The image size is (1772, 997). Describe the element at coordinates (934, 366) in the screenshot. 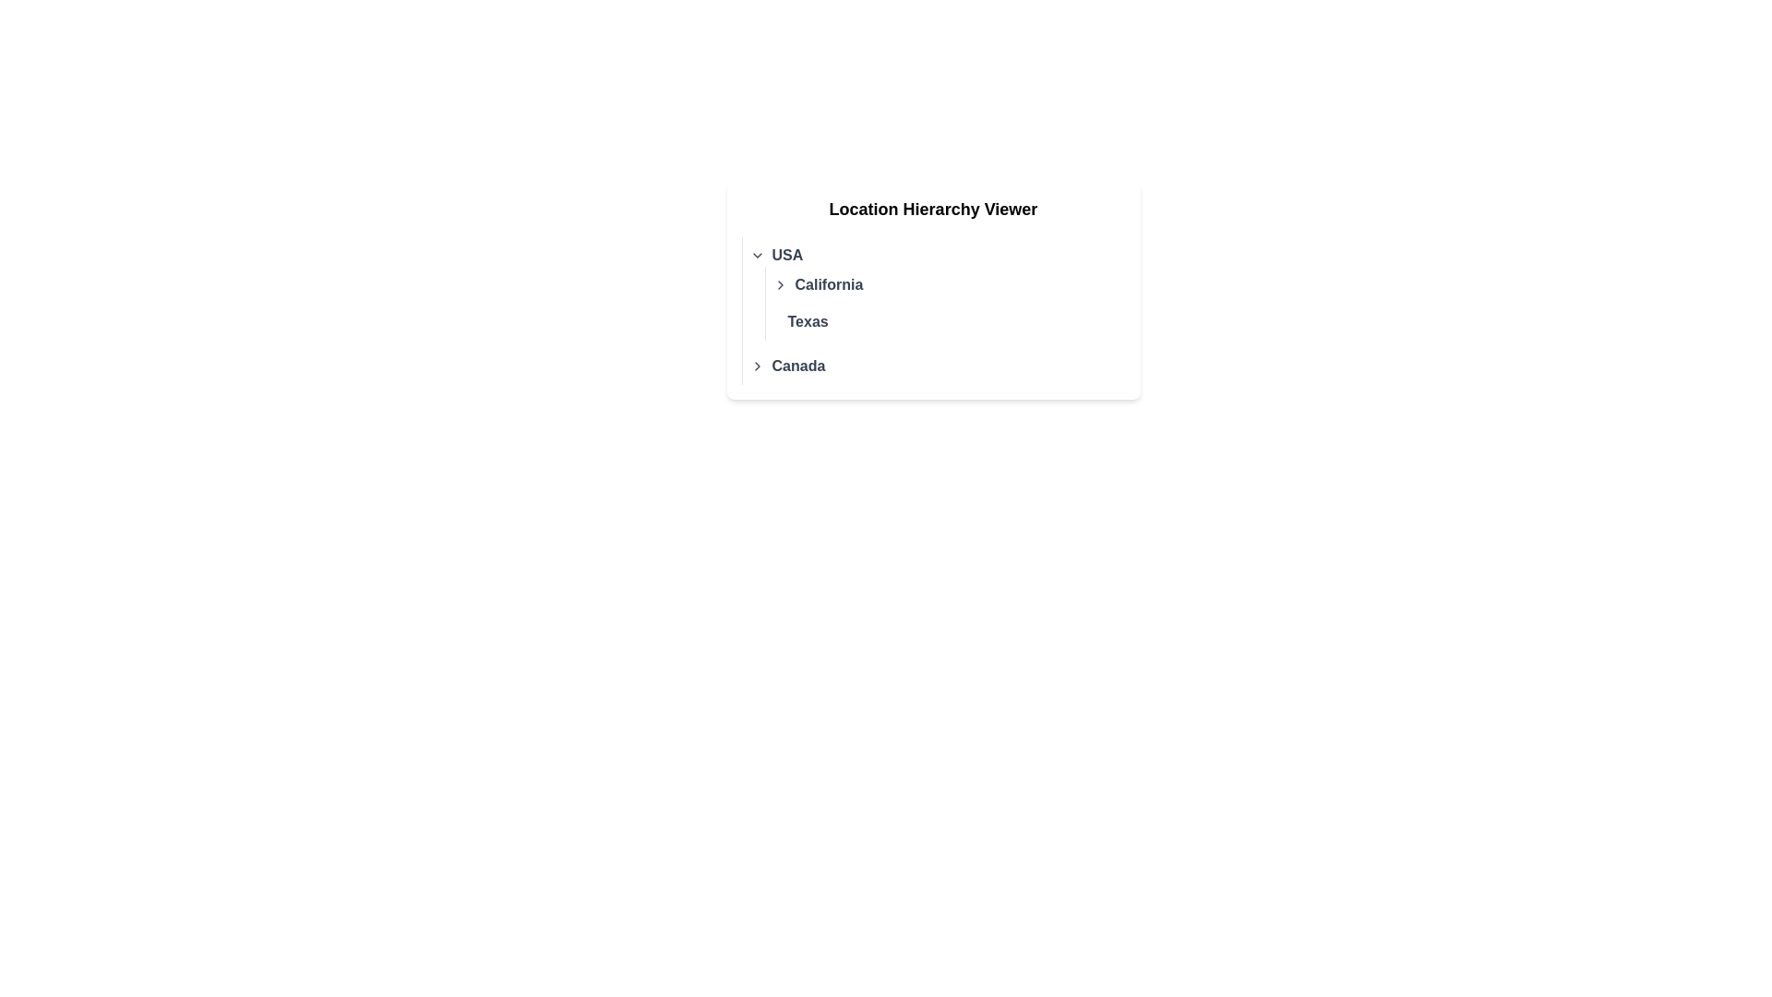

I see `the list item representing 'Canada' in the hierarchical list` at that location.